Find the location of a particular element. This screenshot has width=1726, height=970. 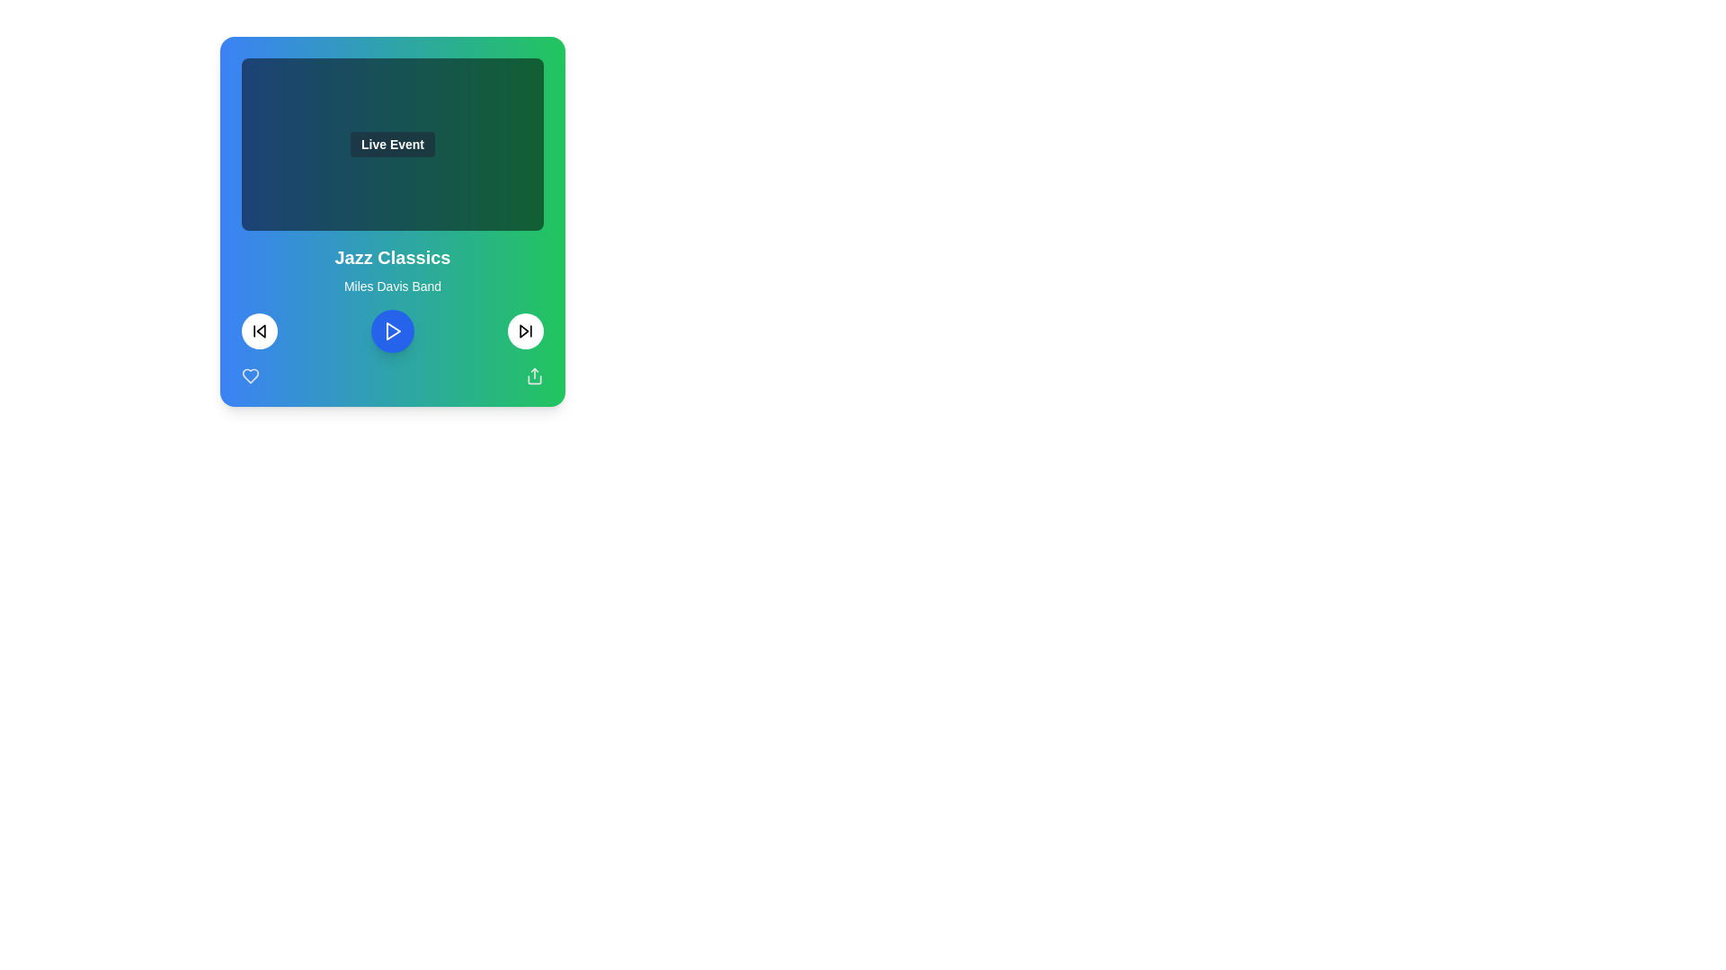

the 'skip forward' button located in the bottom right portion of the music card interface to skip to the next track is located at coordinates (523, 331).